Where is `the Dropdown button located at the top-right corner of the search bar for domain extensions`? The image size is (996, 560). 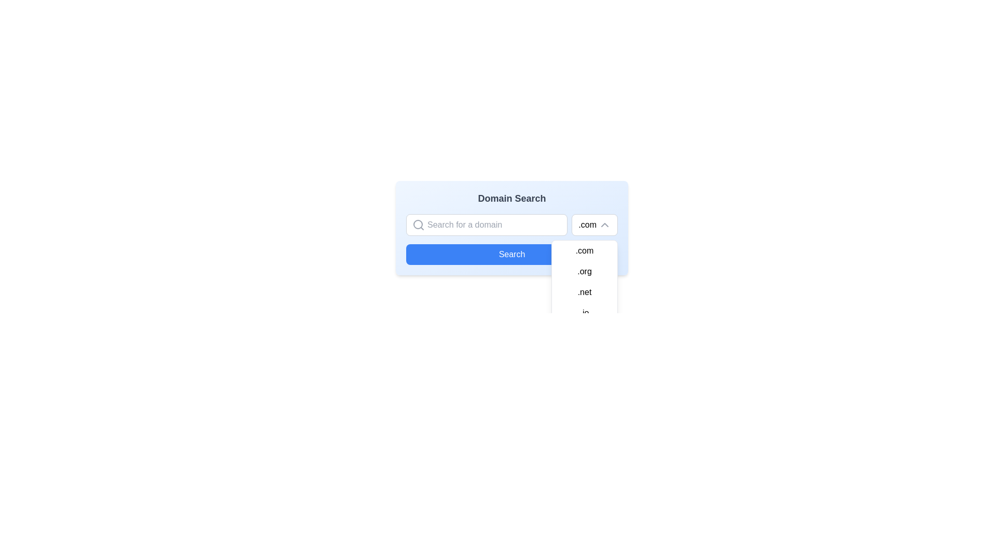 the Dropdown button located at the top-right corner of the search bar for domain extensions is located at coordinates (594, 225).